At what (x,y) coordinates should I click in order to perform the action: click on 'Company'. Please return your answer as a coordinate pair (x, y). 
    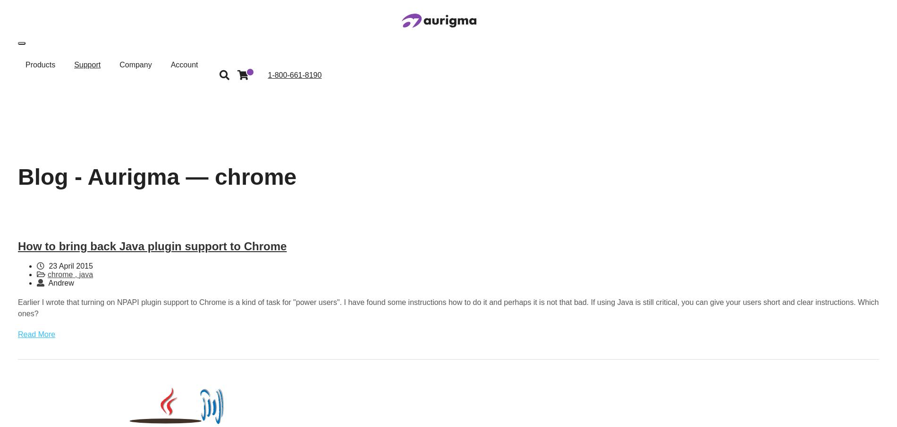
    Looking at the image, I should click on (135, 65).